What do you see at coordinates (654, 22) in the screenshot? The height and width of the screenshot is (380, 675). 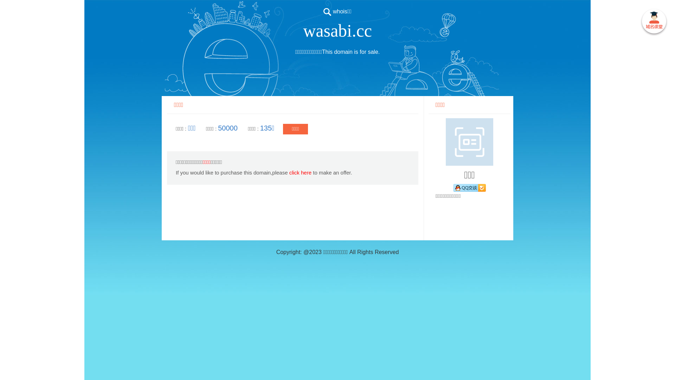 I see `' '` at bounding box center [654, 22].